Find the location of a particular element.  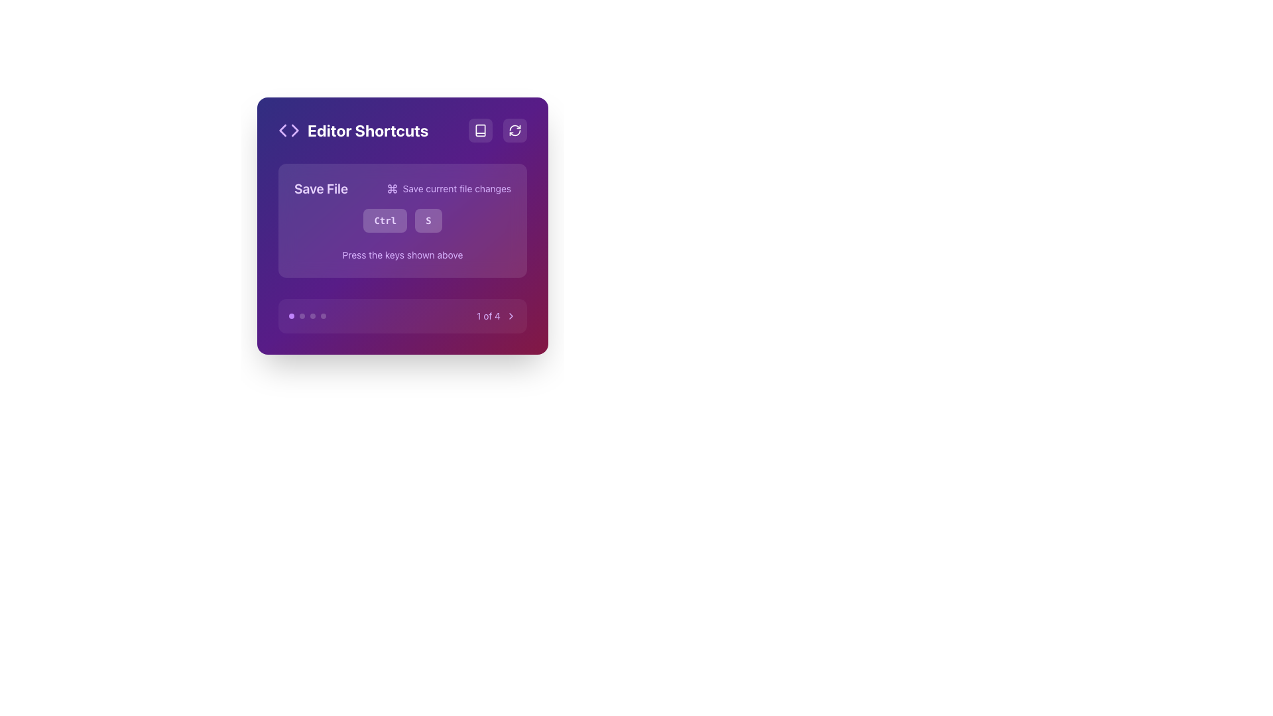

the 'refresh' or 'reload' icon located in the top-right near the 'Editor Shortcuts' header is located at coordinates (515, 133).